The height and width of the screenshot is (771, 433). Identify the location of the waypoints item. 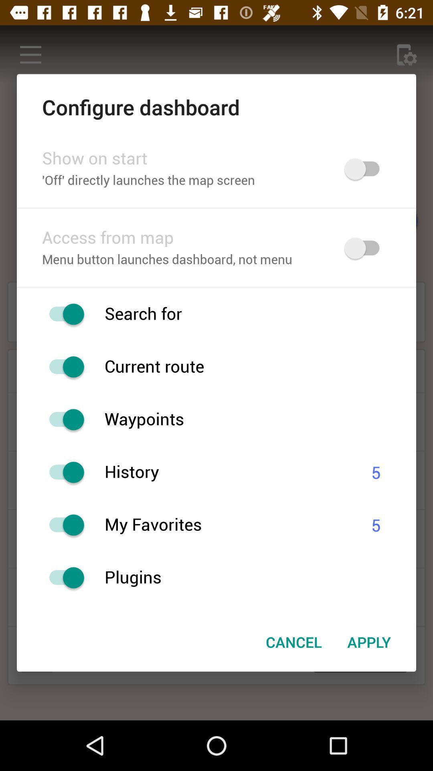
(260, 419).